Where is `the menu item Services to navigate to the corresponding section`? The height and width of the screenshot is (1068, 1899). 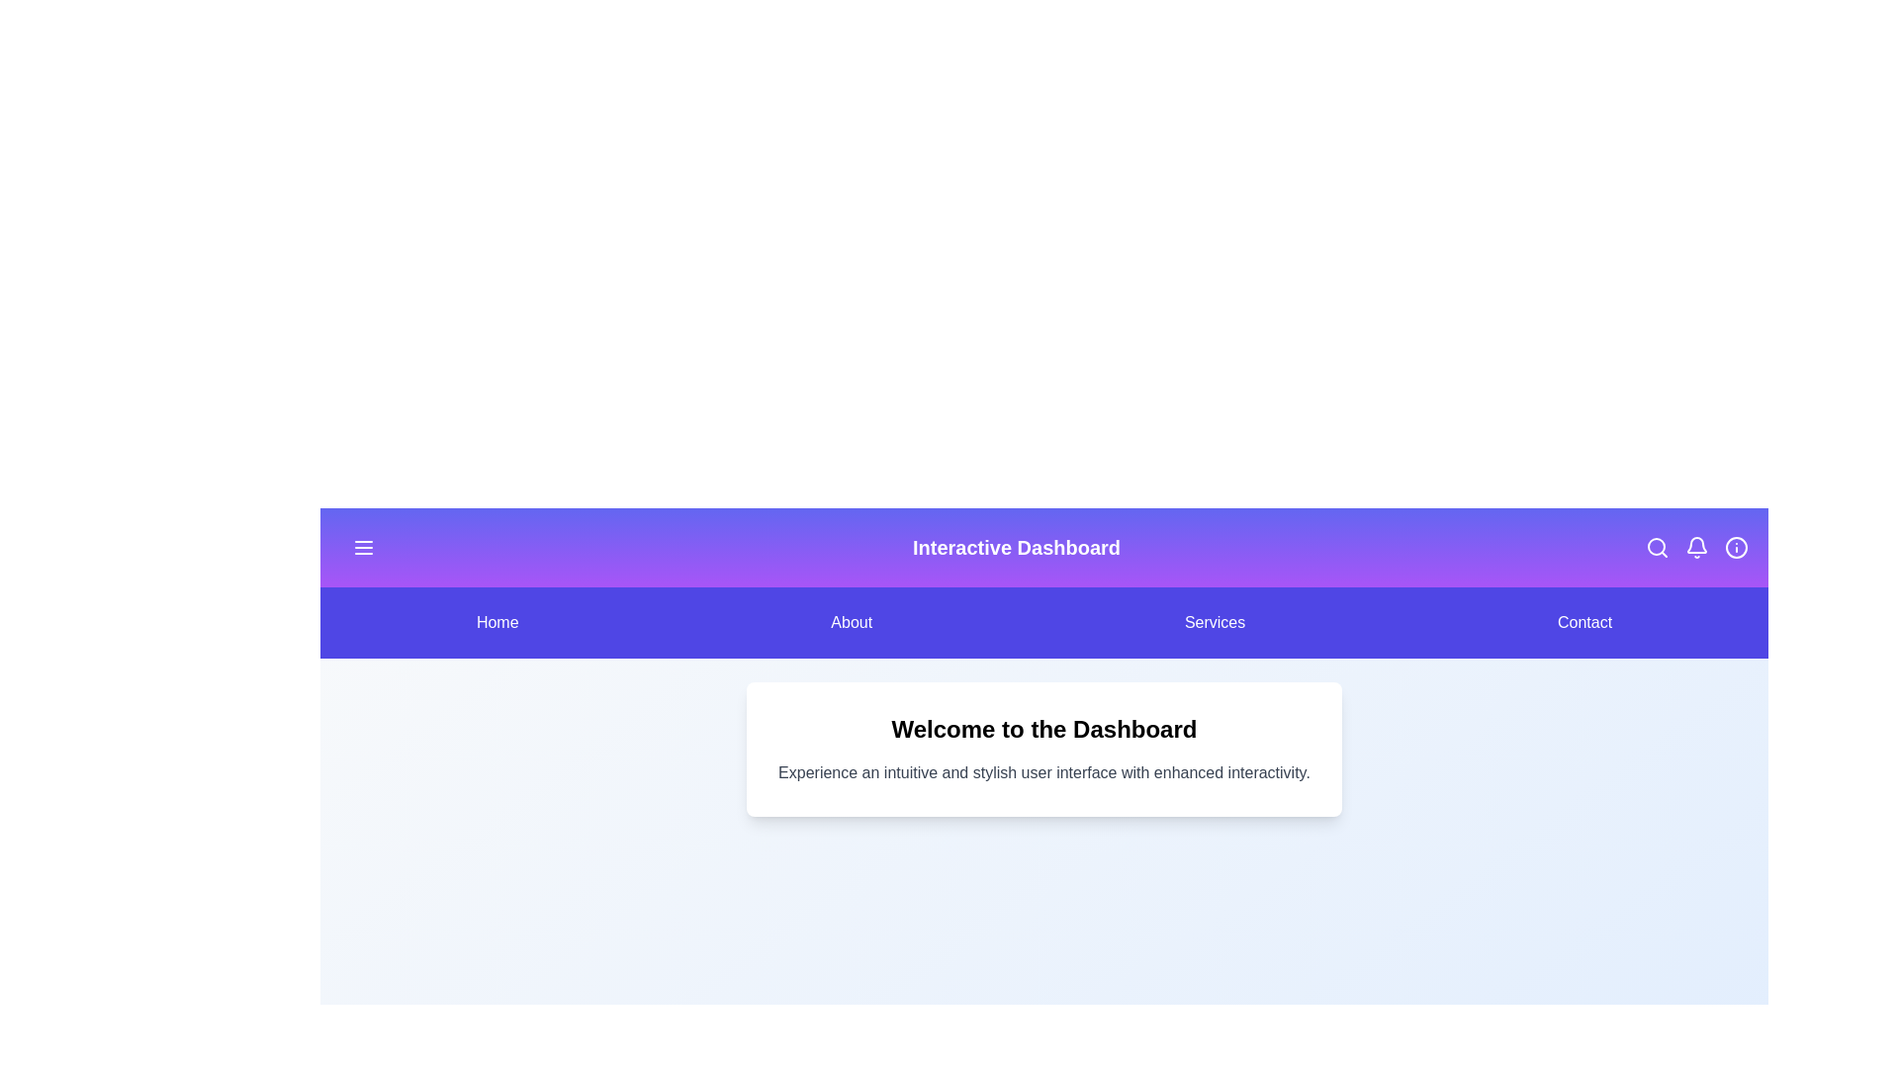 the menu item Services to navigate to the corresponding section is located at coordinates (1214, 621).